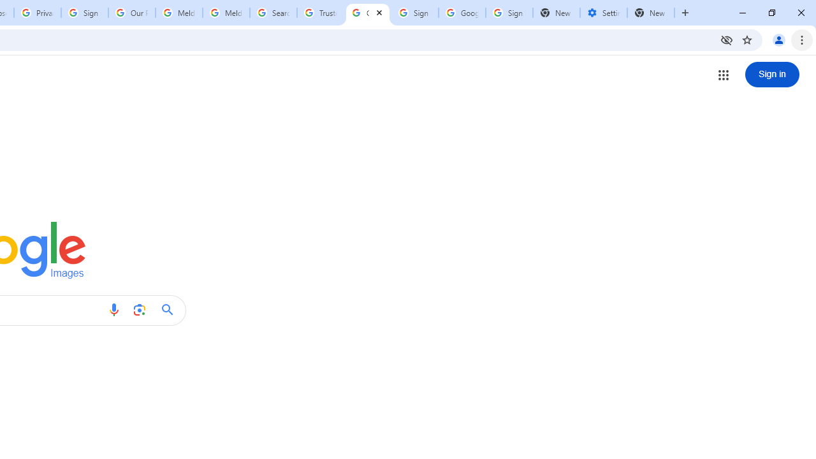 The width and height of the screenshot is (816, 459). What do you see at coordinates (651, 13) in the screenshot?
I see `'New Tab'` at bounding box center [651, 13].